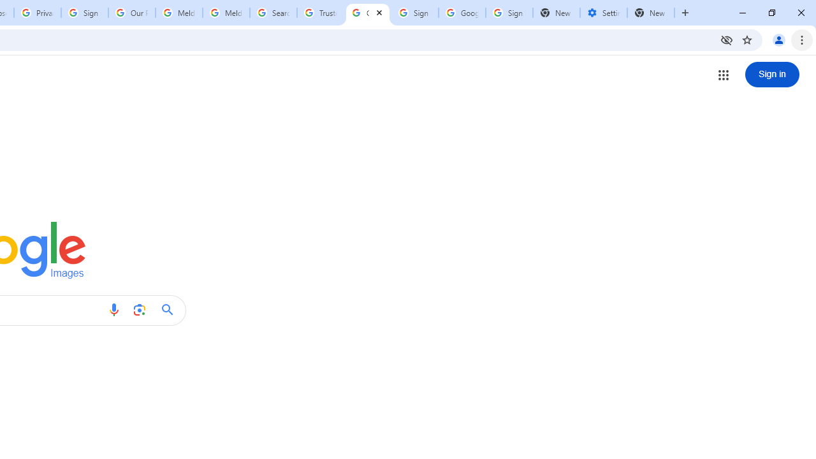 The width and height of the screenshot is (816, 459). What do you see at coordinates (651, 13) in the screenshot?
I see `'New Tab'` at bounding box center [651, 13].